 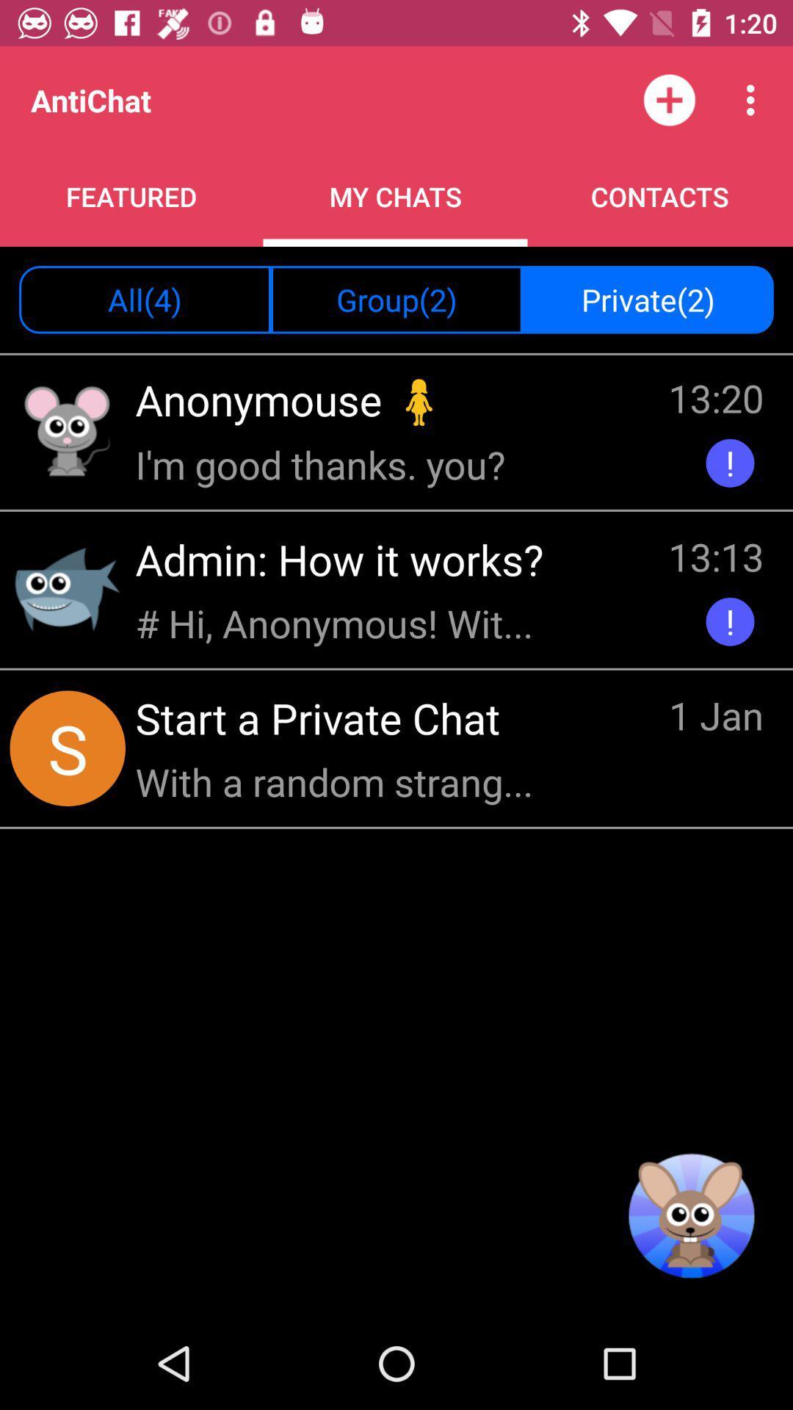 I want to click on item to the right of the all(4) item, so click(x=396, y=299).